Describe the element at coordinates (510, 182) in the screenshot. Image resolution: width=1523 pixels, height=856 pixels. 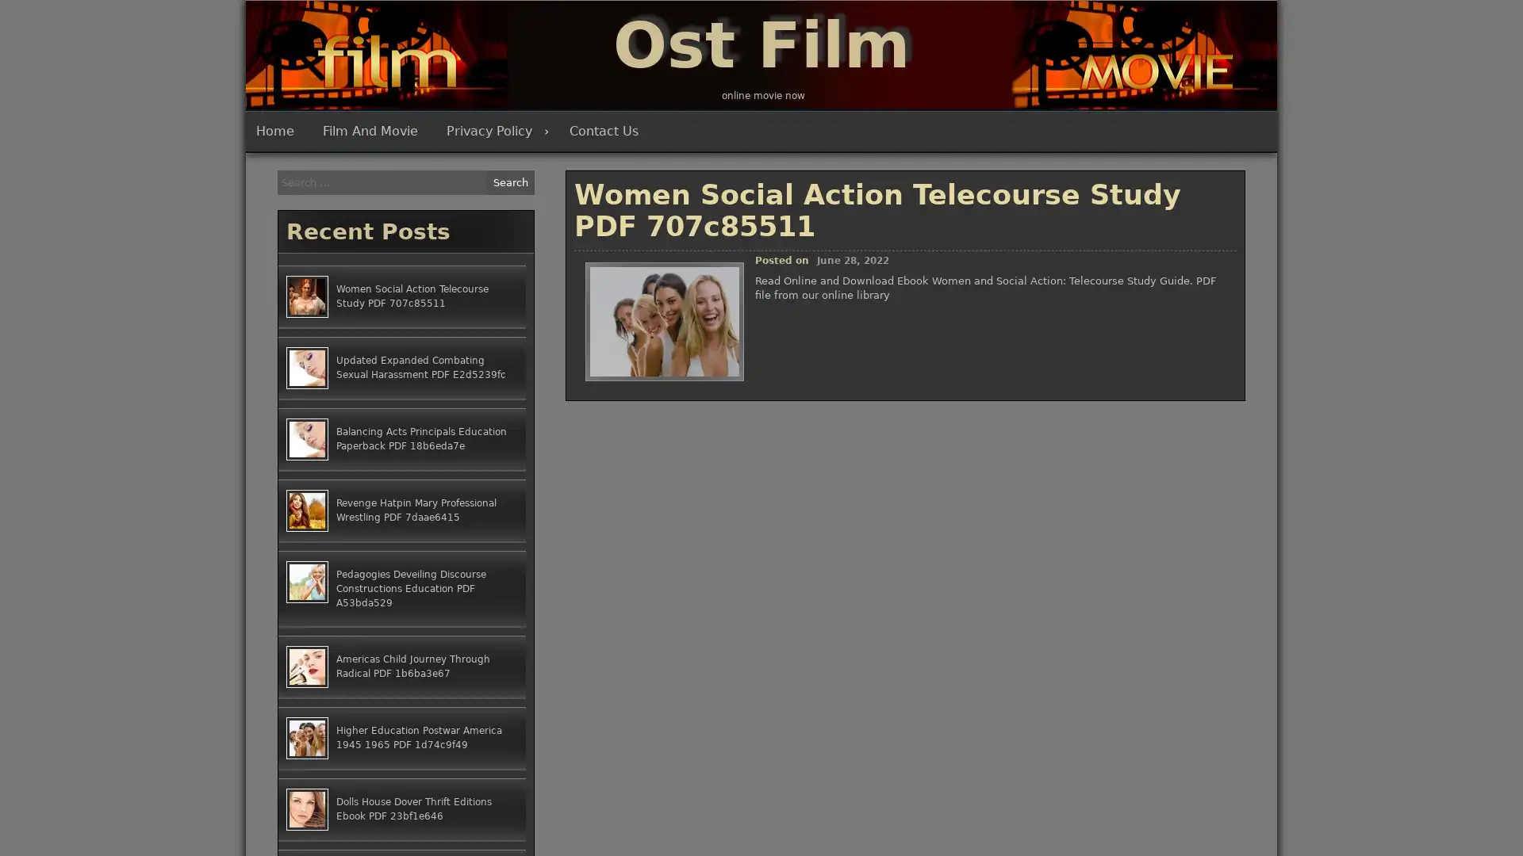
I see `Search` at that location.